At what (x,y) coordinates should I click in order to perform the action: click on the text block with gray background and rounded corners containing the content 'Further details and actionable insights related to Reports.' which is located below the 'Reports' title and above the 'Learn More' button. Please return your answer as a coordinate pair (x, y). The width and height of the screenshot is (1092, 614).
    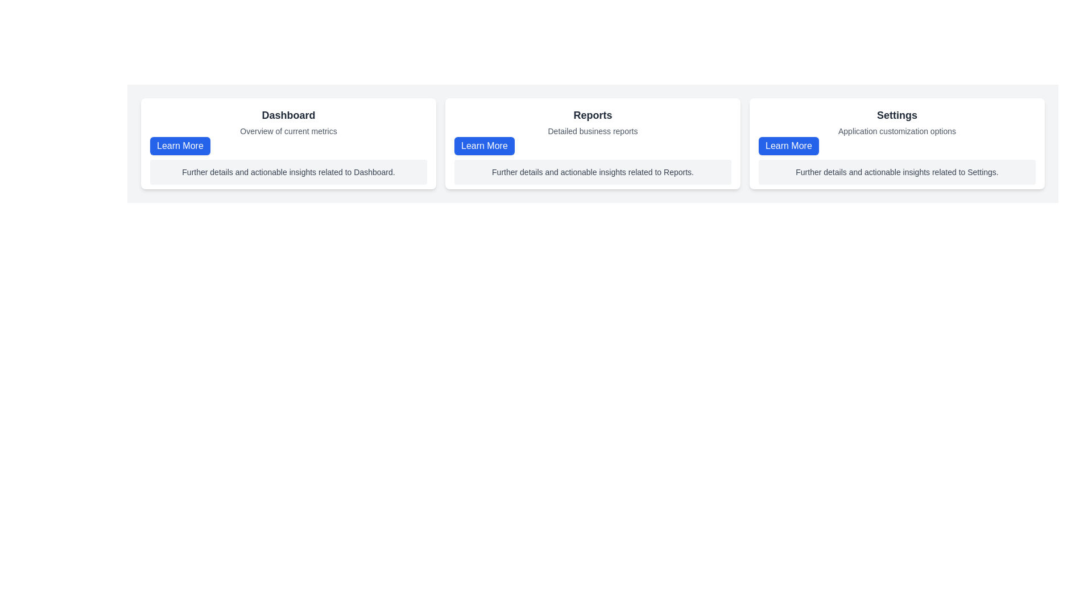
    Looking at the image, I should click on (592, 172).